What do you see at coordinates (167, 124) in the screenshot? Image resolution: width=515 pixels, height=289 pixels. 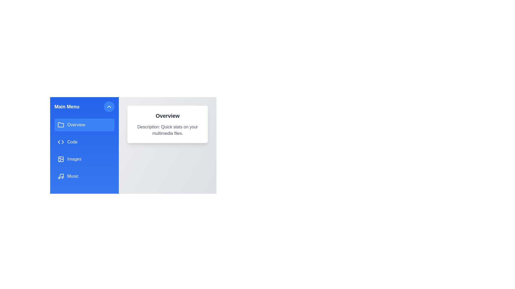 I see `the informational panel titled 'Overview' to access related content` at bounding box center [167, 124].